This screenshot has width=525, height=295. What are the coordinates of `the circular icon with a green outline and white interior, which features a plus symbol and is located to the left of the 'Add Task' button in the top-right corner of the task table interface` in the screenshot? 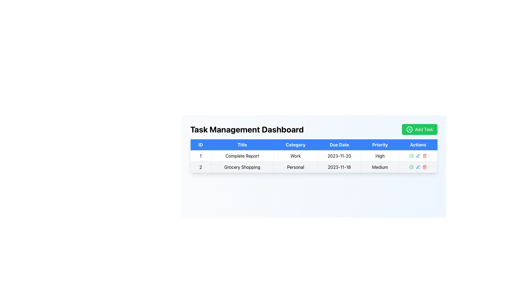 It's located at (409, 129).